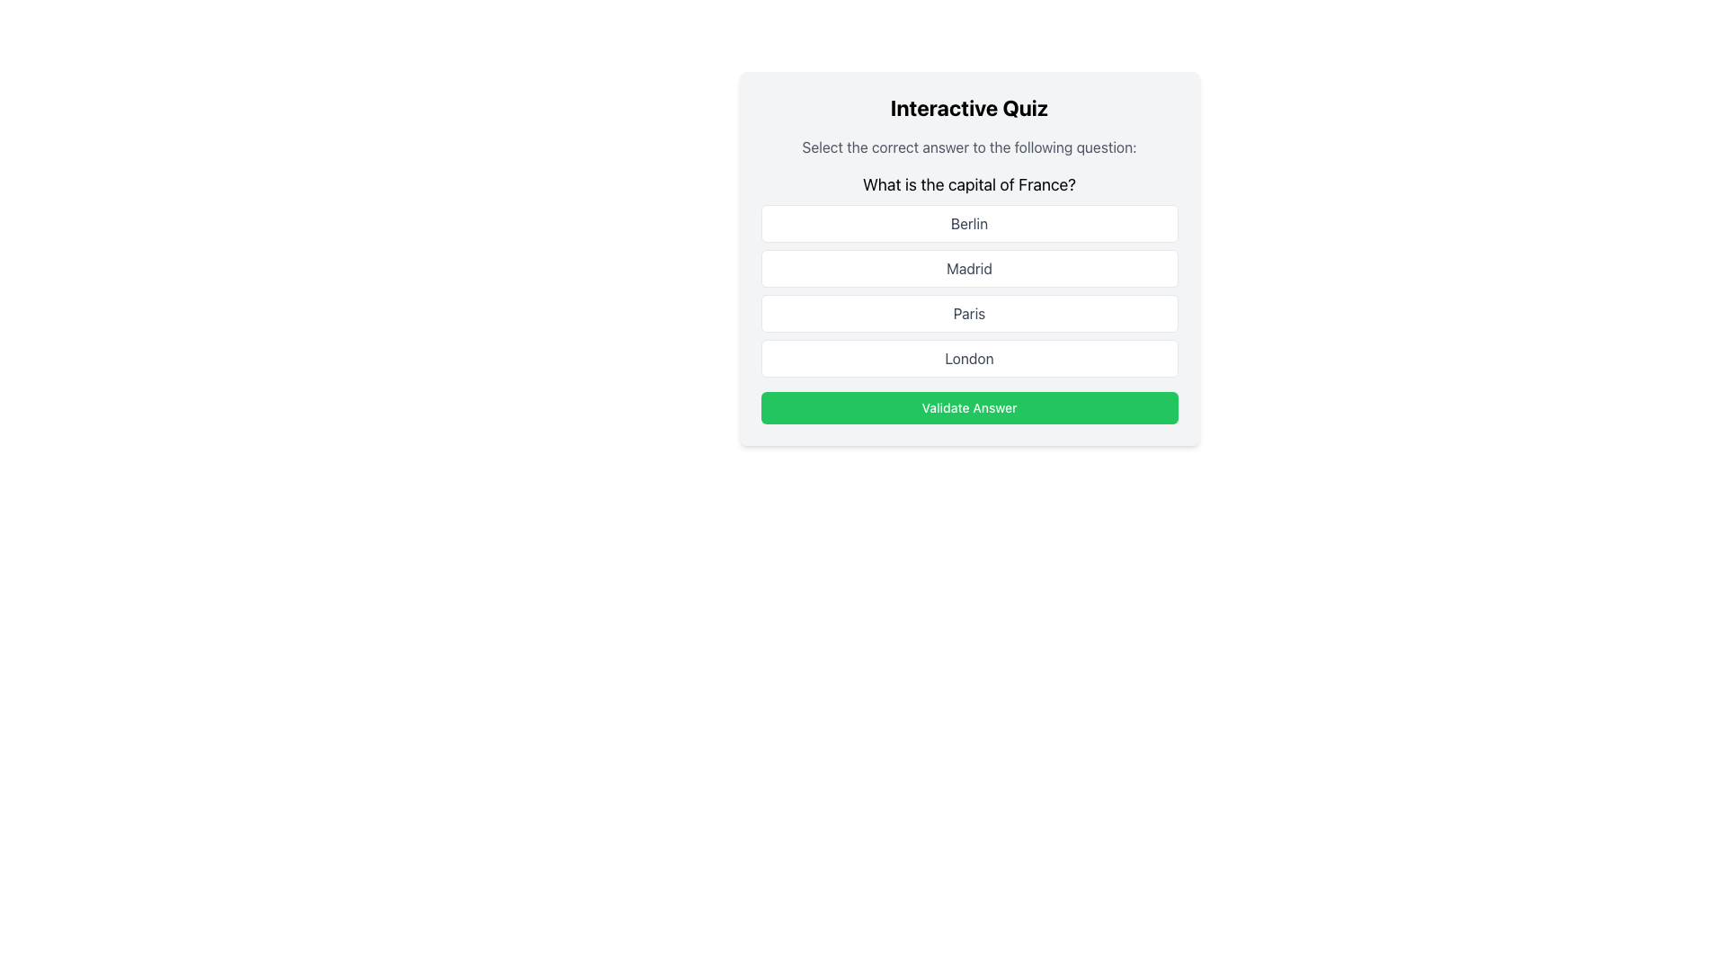  Describe the element at coordinates (968, 312) in the screenshot. I see `the rectangular button labeled 'Paris', which is the third button in a vertical list under the question 'What is the capital of France?'` at that location.